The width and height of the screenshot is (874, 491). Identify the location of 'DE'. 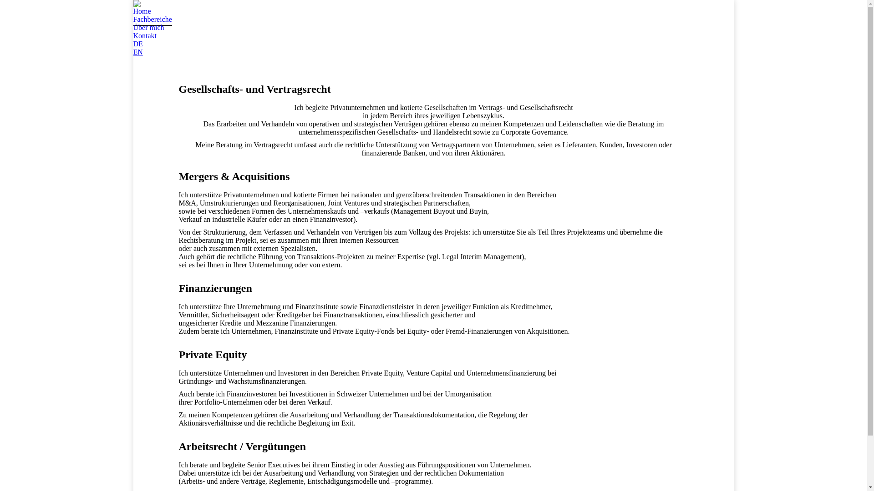
(137, 44).